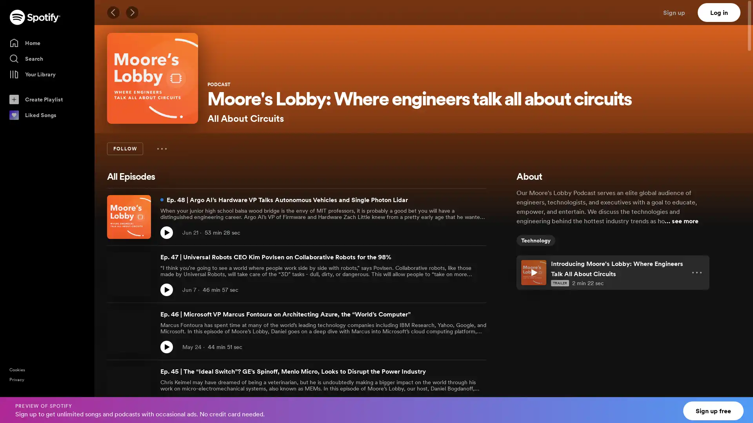  I want to click on Close, so click(740, 405).